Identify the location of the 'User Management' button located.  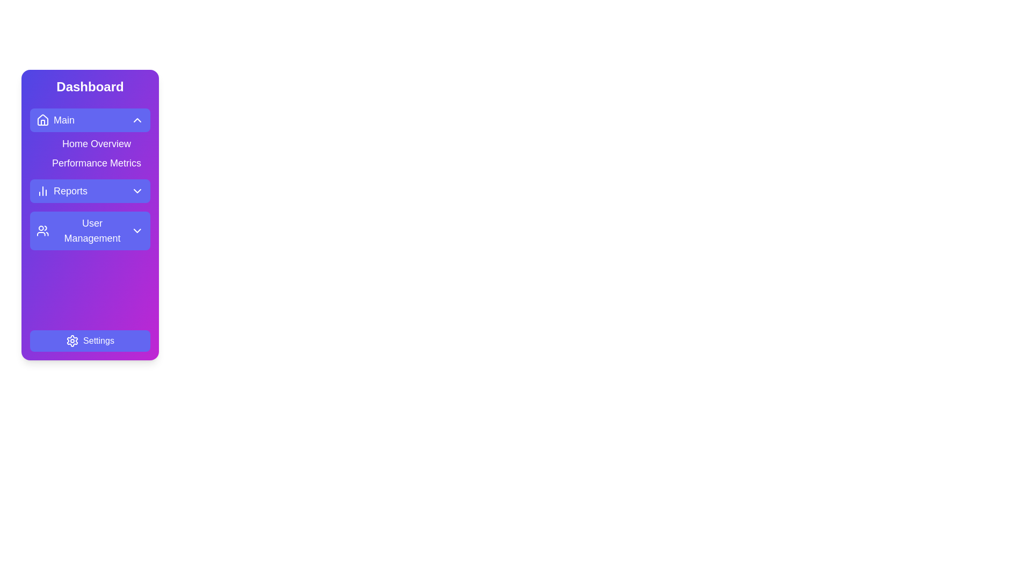
(90, 230).